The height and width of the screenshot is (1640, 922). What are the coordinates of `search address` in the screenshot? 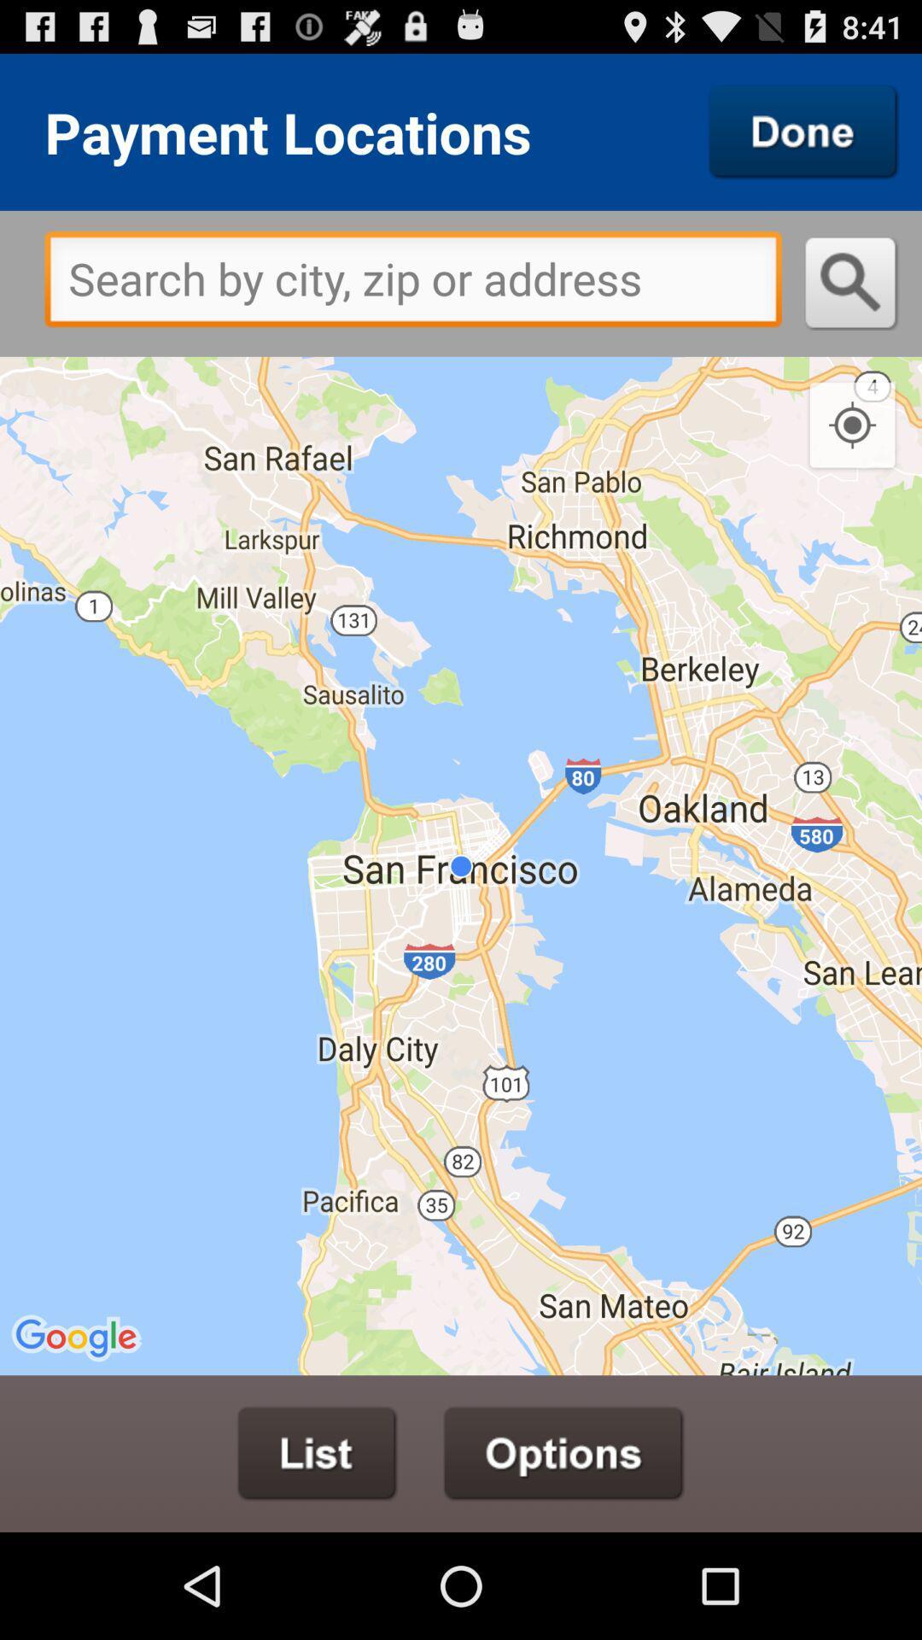 It's located at (851, 283).